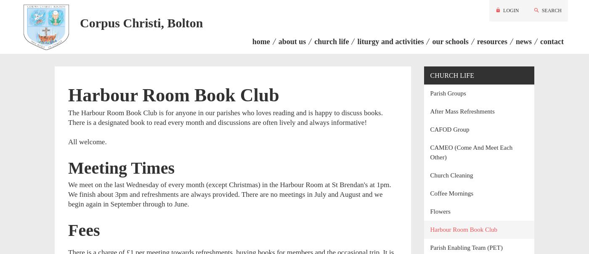  What do you see at coordinates (87, 141) in the screenshot?
I see `'All welcome.'` at bounding box center [87, 141].